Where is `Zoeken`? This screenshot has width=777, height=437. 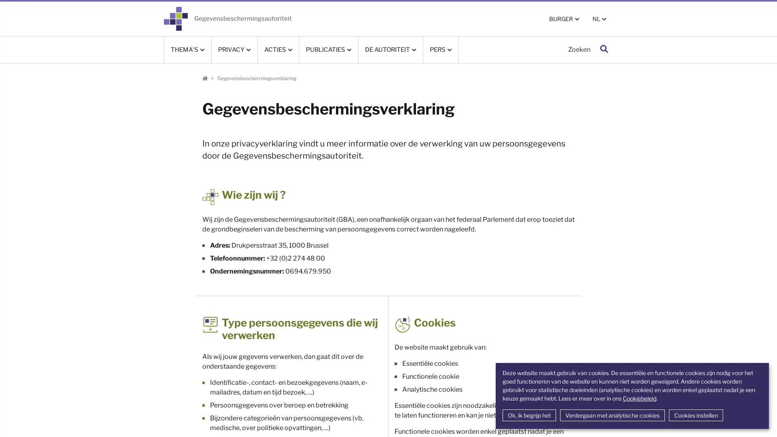 Zoeken is located at coordinates (604, 49).